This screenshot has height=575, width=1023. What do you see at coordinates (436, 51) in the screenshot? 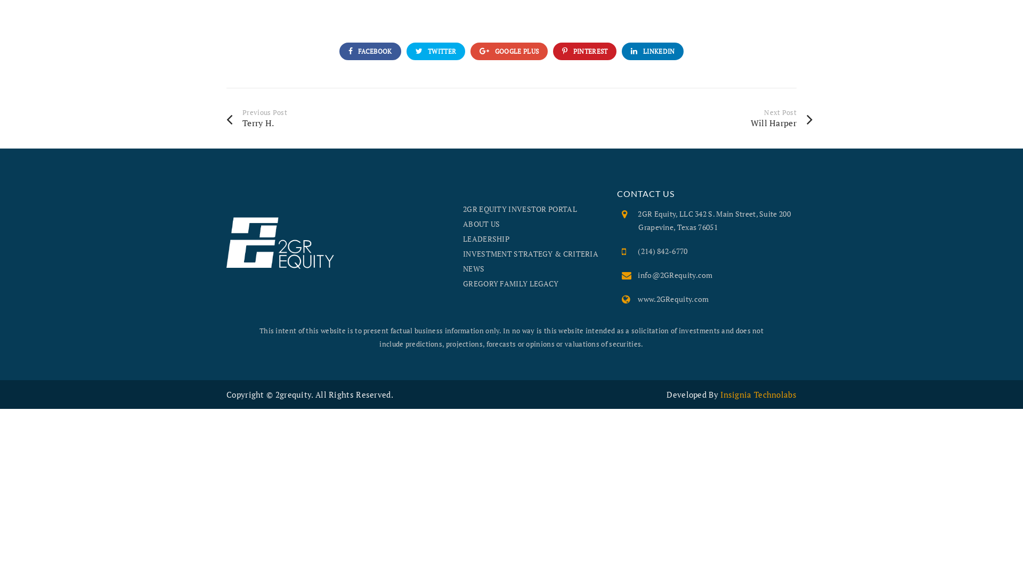
I see `'TWITTER'` at bounding box center [436, 51].